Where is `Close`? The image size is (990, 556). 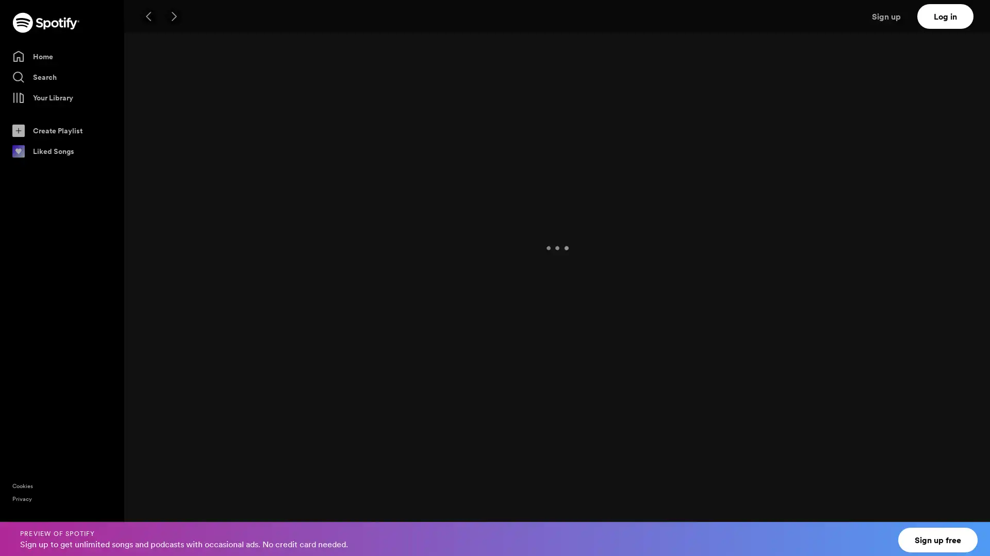 Close is located at coordinates (972, 532).